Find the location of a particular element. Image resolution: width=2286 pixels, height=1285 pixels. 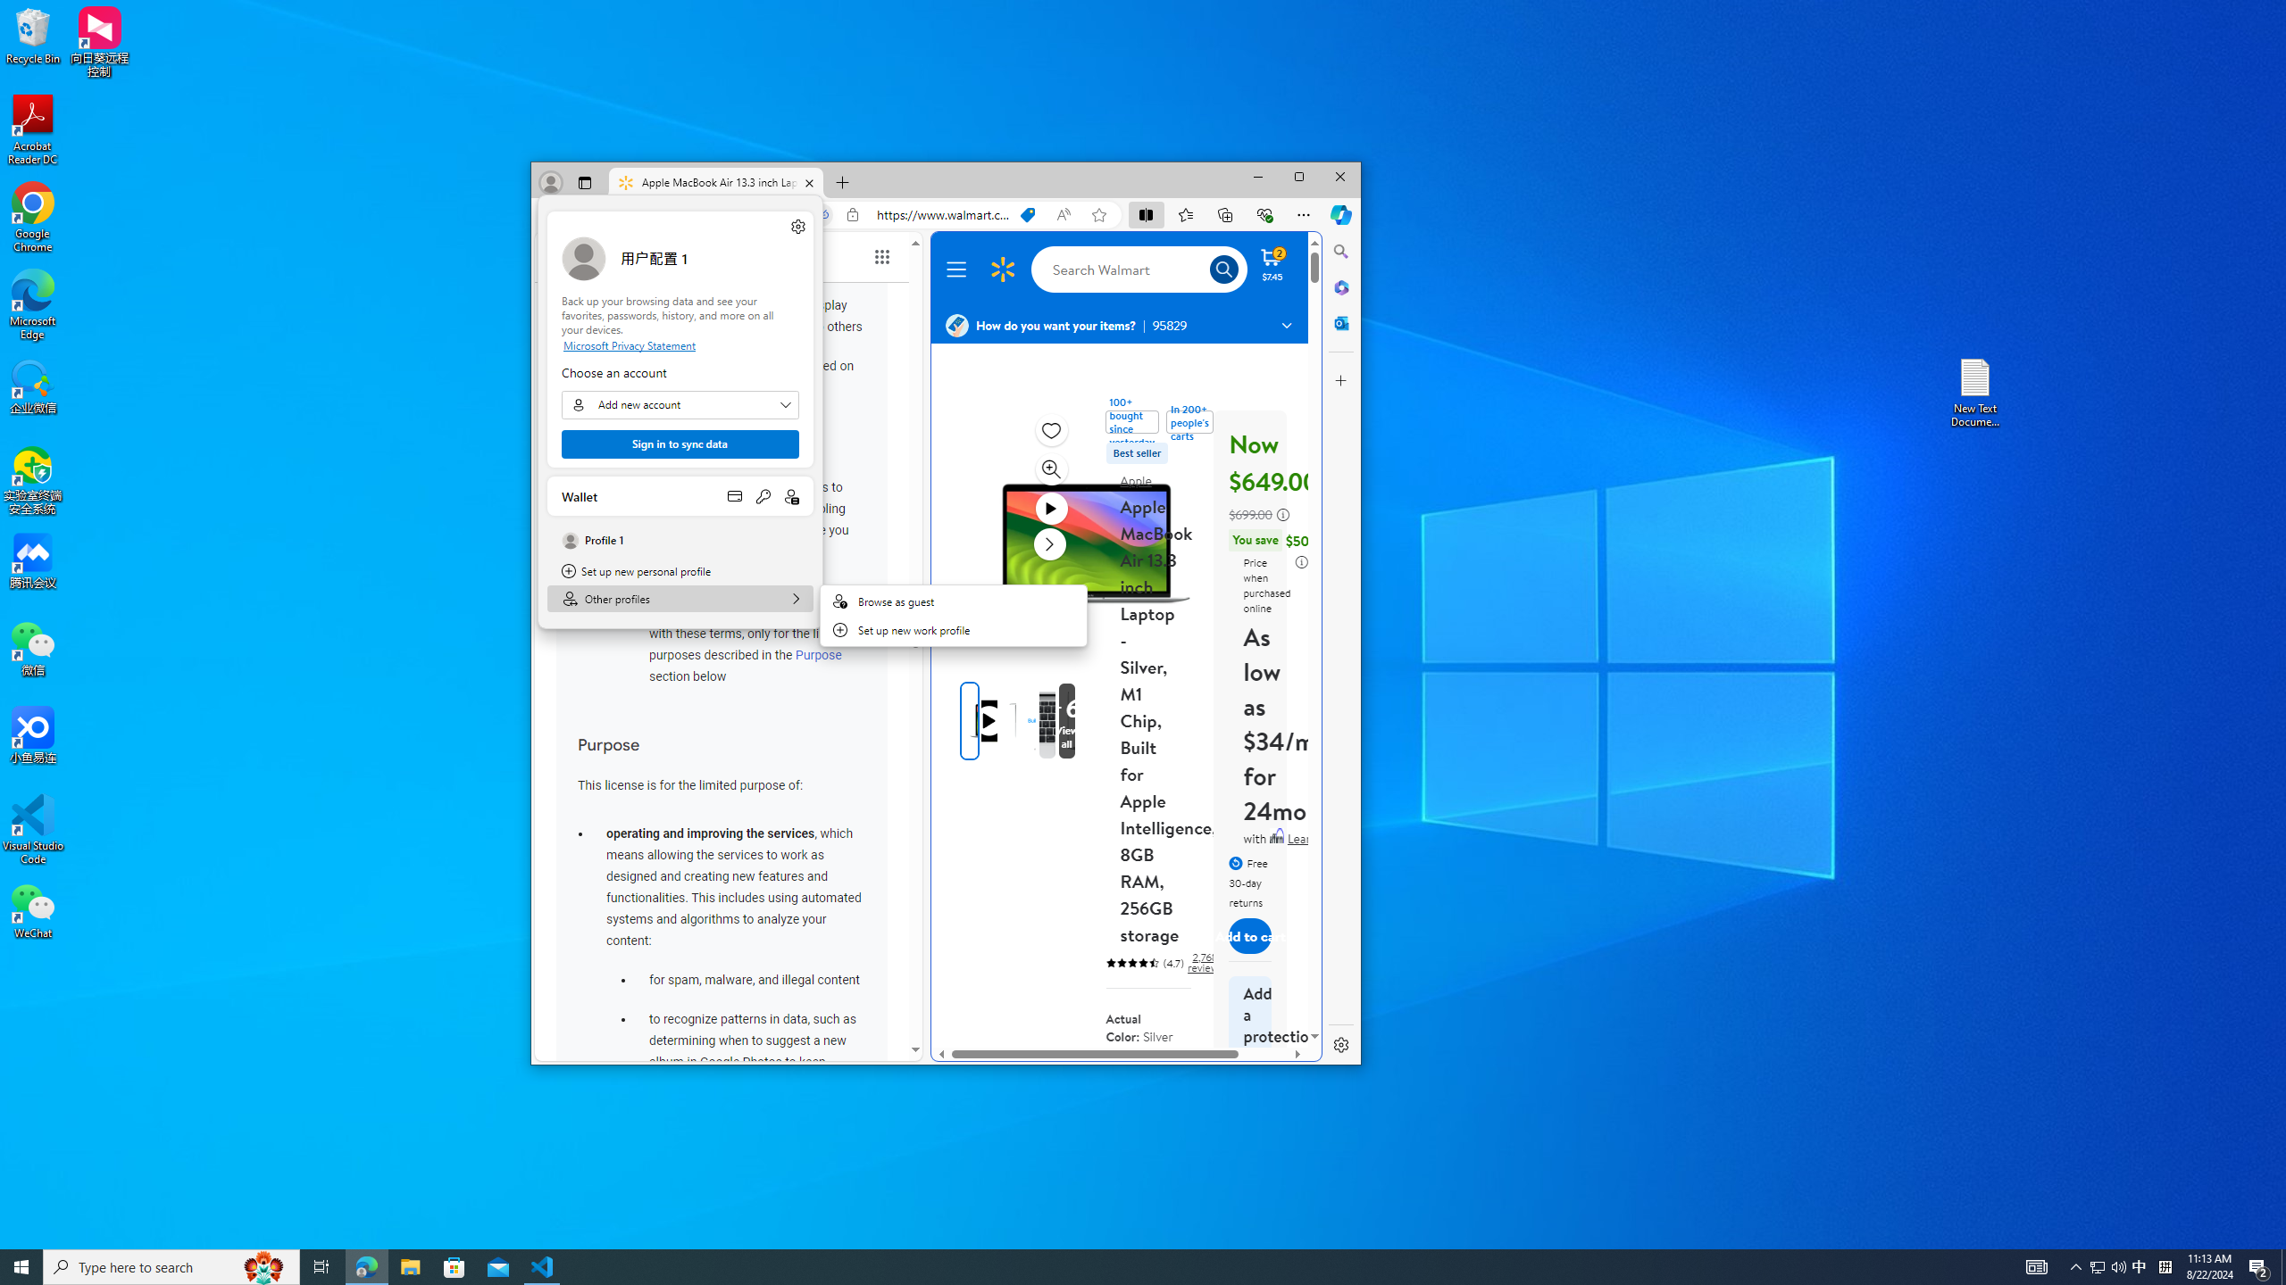

'User Promoted Notification Area' is located at coordinates (2107, 1265).